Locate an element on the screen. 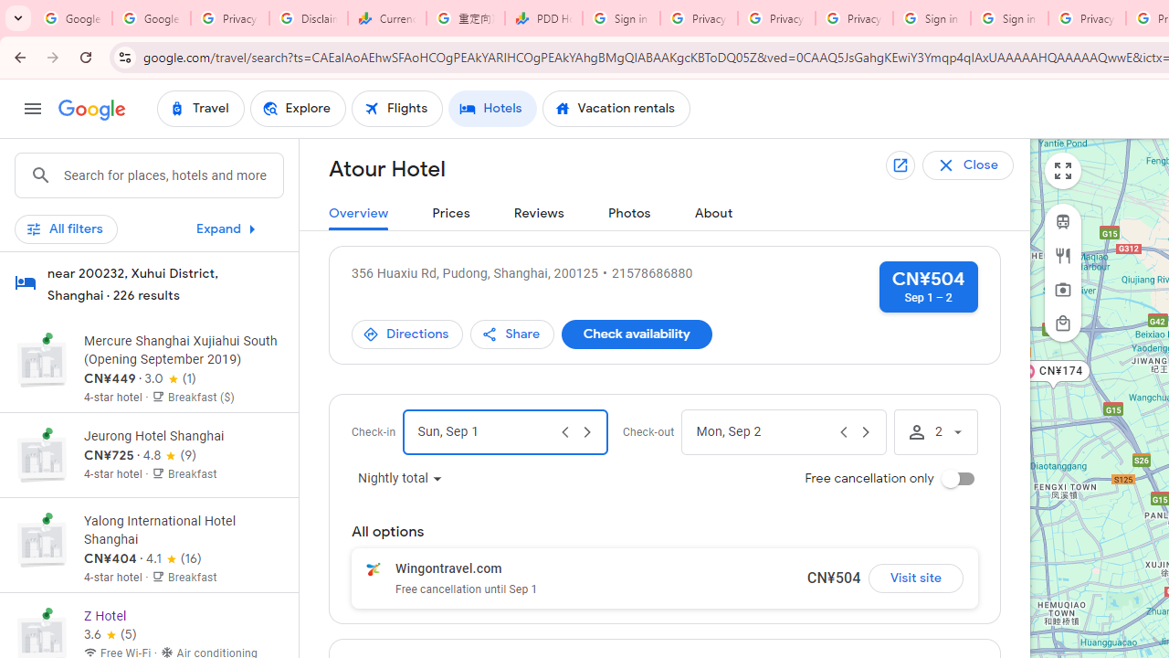  'Sign in - Google Accounts' is located at coordinates (1008, 18).